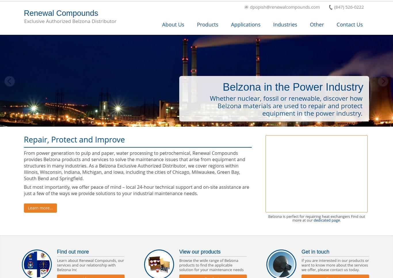 The image size is (393, 278). I want to click on 'From power generation to pulp and paper, water processing to petrochemical, Renewal Compounds provides Belzona products and services to solve     the maintenance issues that arise from equipment and structures in many industries. As a Belzona Exclusive Authorized Distributor, we cover      regions within Illinois, Wisconsin, Indiana, Michigan, and Iowa, including the cities of Chicago, Milwaukee, Green Bay, South Bend and           Springfield.', so click(134, 165).